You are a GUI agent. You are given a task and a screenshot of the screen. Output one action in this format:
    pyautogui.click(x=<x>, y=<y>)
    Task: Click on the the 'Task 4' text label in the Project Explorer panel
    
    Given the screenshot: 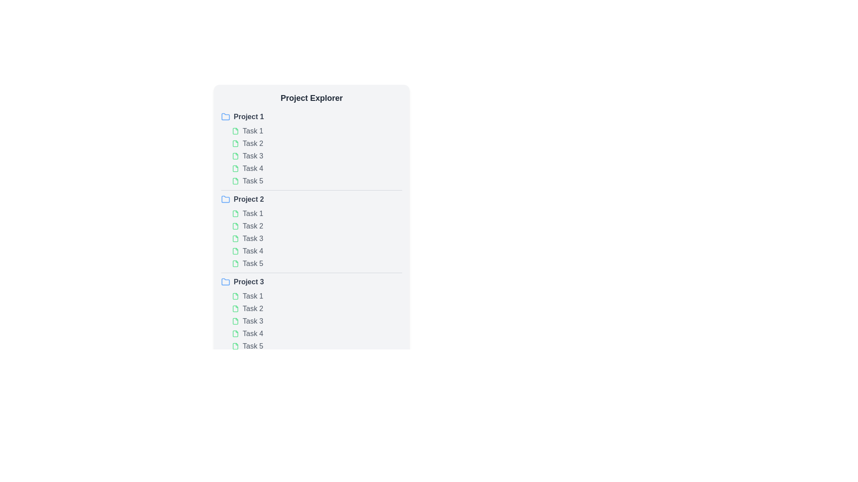 What is the action you would take?
    pyautogui.click(x=252, y=334)
    